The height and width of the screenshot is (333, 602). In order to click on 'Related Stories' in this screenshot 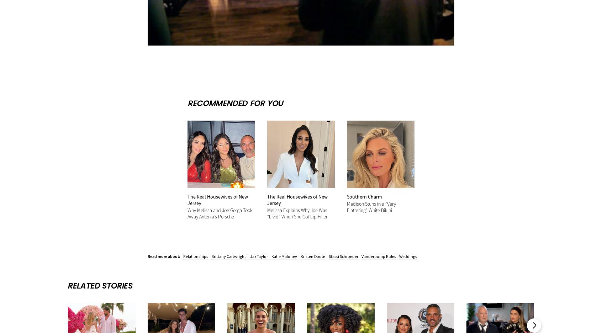, I will do `click(100, 285)`.